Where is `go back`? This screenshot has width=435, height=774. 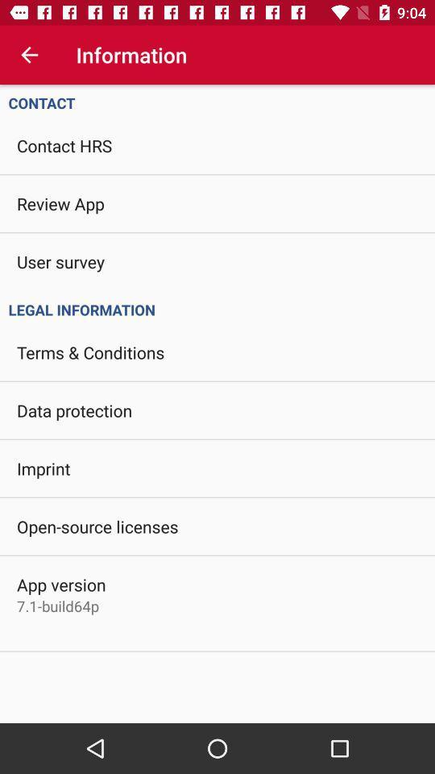
go back is located at coordinates (29, 55).